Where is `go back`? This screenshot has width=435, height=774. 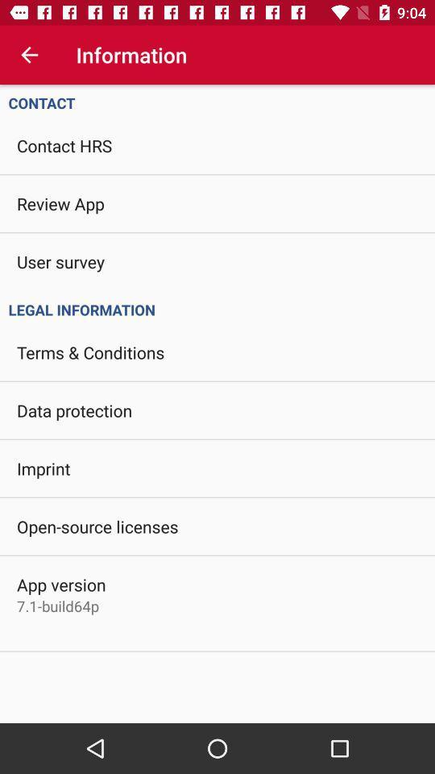
go back is located at coordinates (29, 55).